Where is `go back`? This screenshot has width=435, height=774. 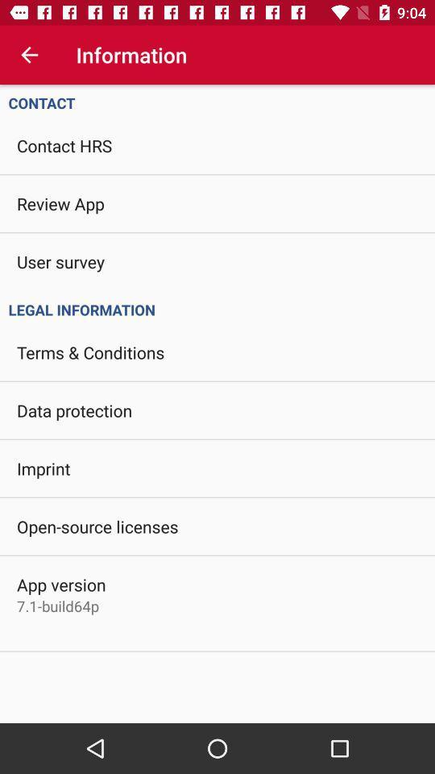
go back is located at coordinates (29, 55).